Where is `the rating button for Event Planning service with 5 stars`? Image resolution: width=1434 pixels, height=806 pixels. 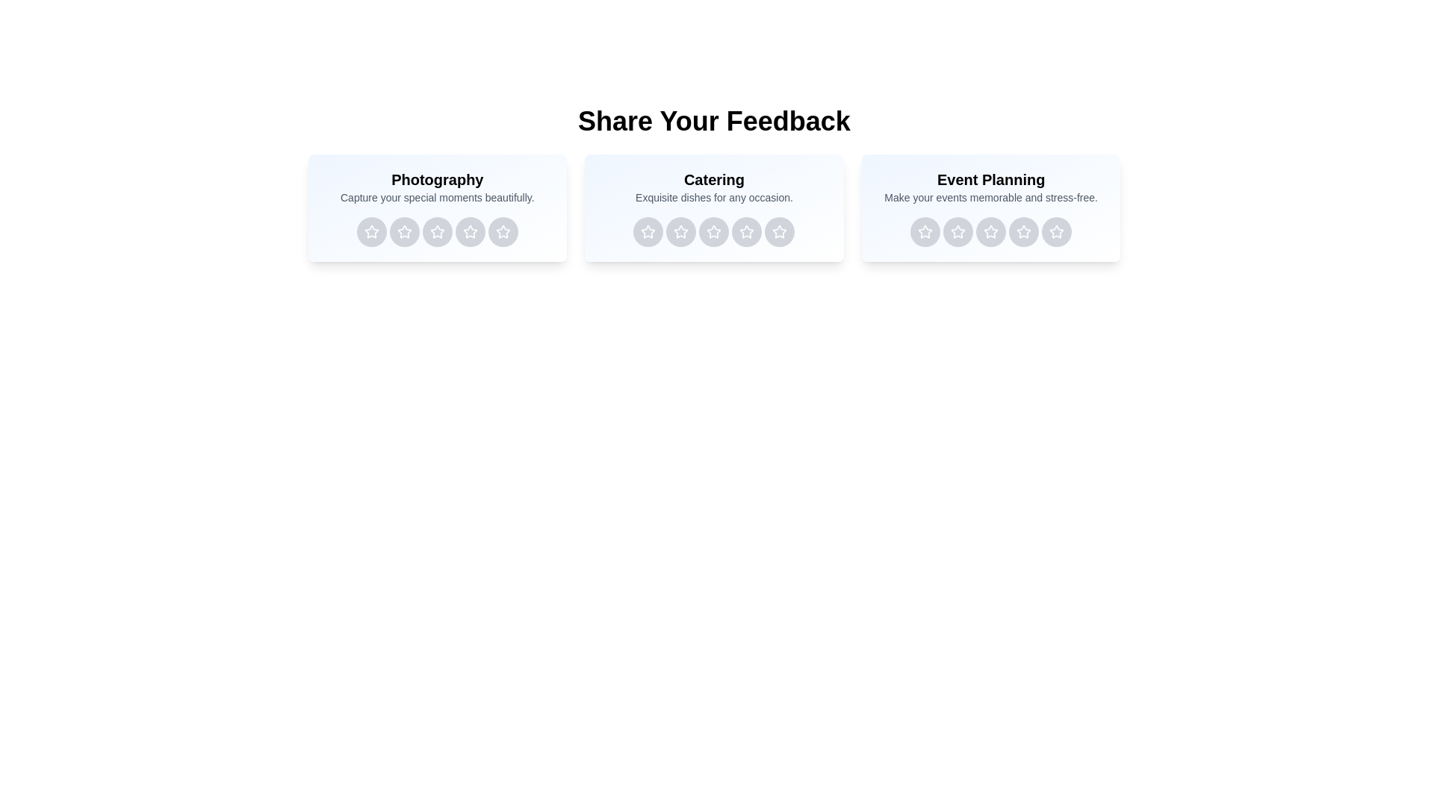
the rating button for Event Planning service with 5 stars is located at coordinates (1056, 232).